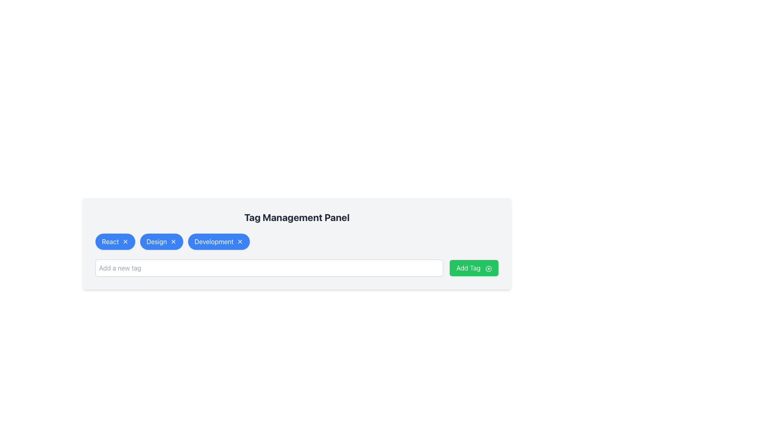  What do you see at coordinates (214, 241) in the screenshot?
I see `the 'Development' tag label in the Tag Management Panel, which is the third blue tag from the left, positioned between the 'Design' tag and a delete button` at bounding box center [214, 241].